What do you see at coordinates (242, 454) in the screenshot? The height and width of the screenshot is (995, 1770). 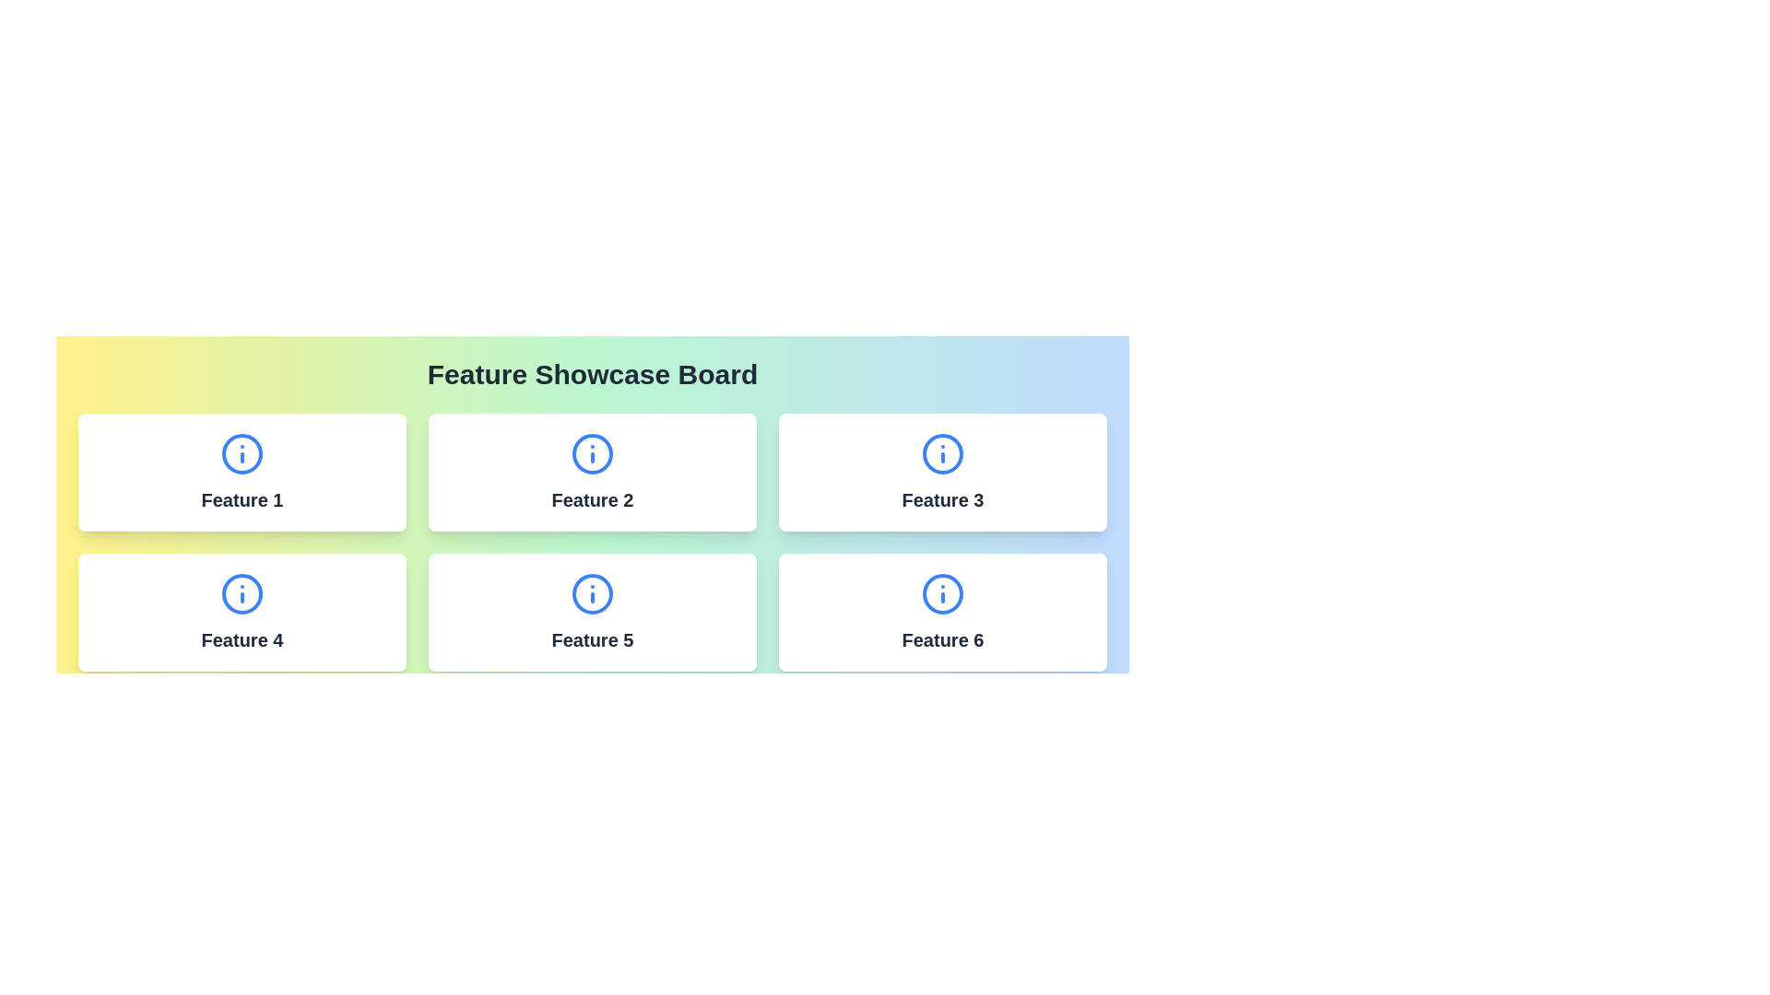 I see `the information icon located in the top-left card of the feature cards grid` at bounding box center [242, 454].